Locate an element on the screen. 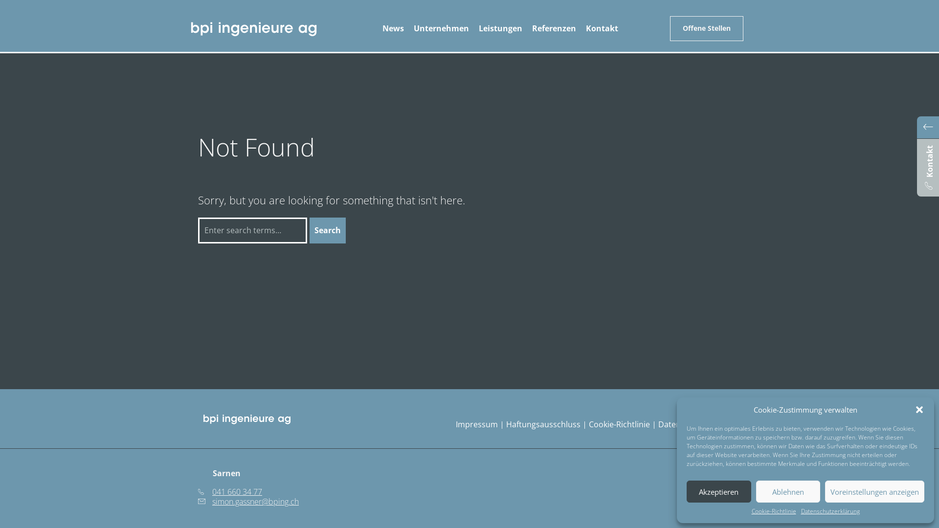 Image resolution: width=939 pixels, height=528 pixels. 'Unternehmen' is located at coordinates (441, 28).